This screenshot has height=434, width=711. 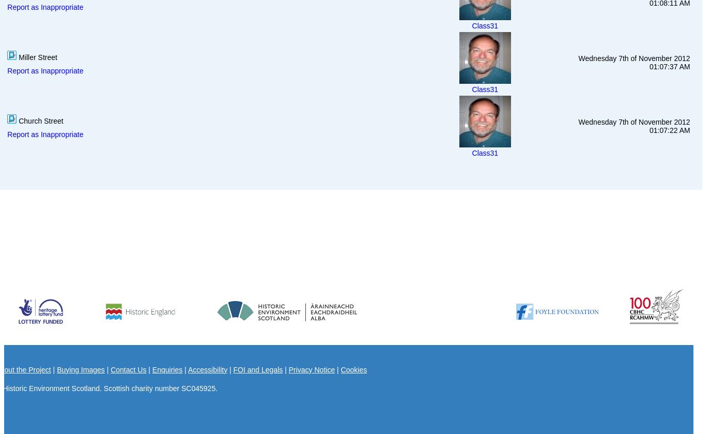 I want to click on 'Cookies', so click(x=353, y=368).